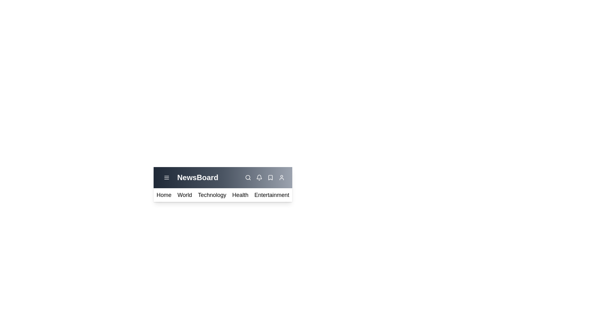  Describe the element at coordinates (271, 195) in the screenshot. I see `the category Entertainment from the menu` at that location.